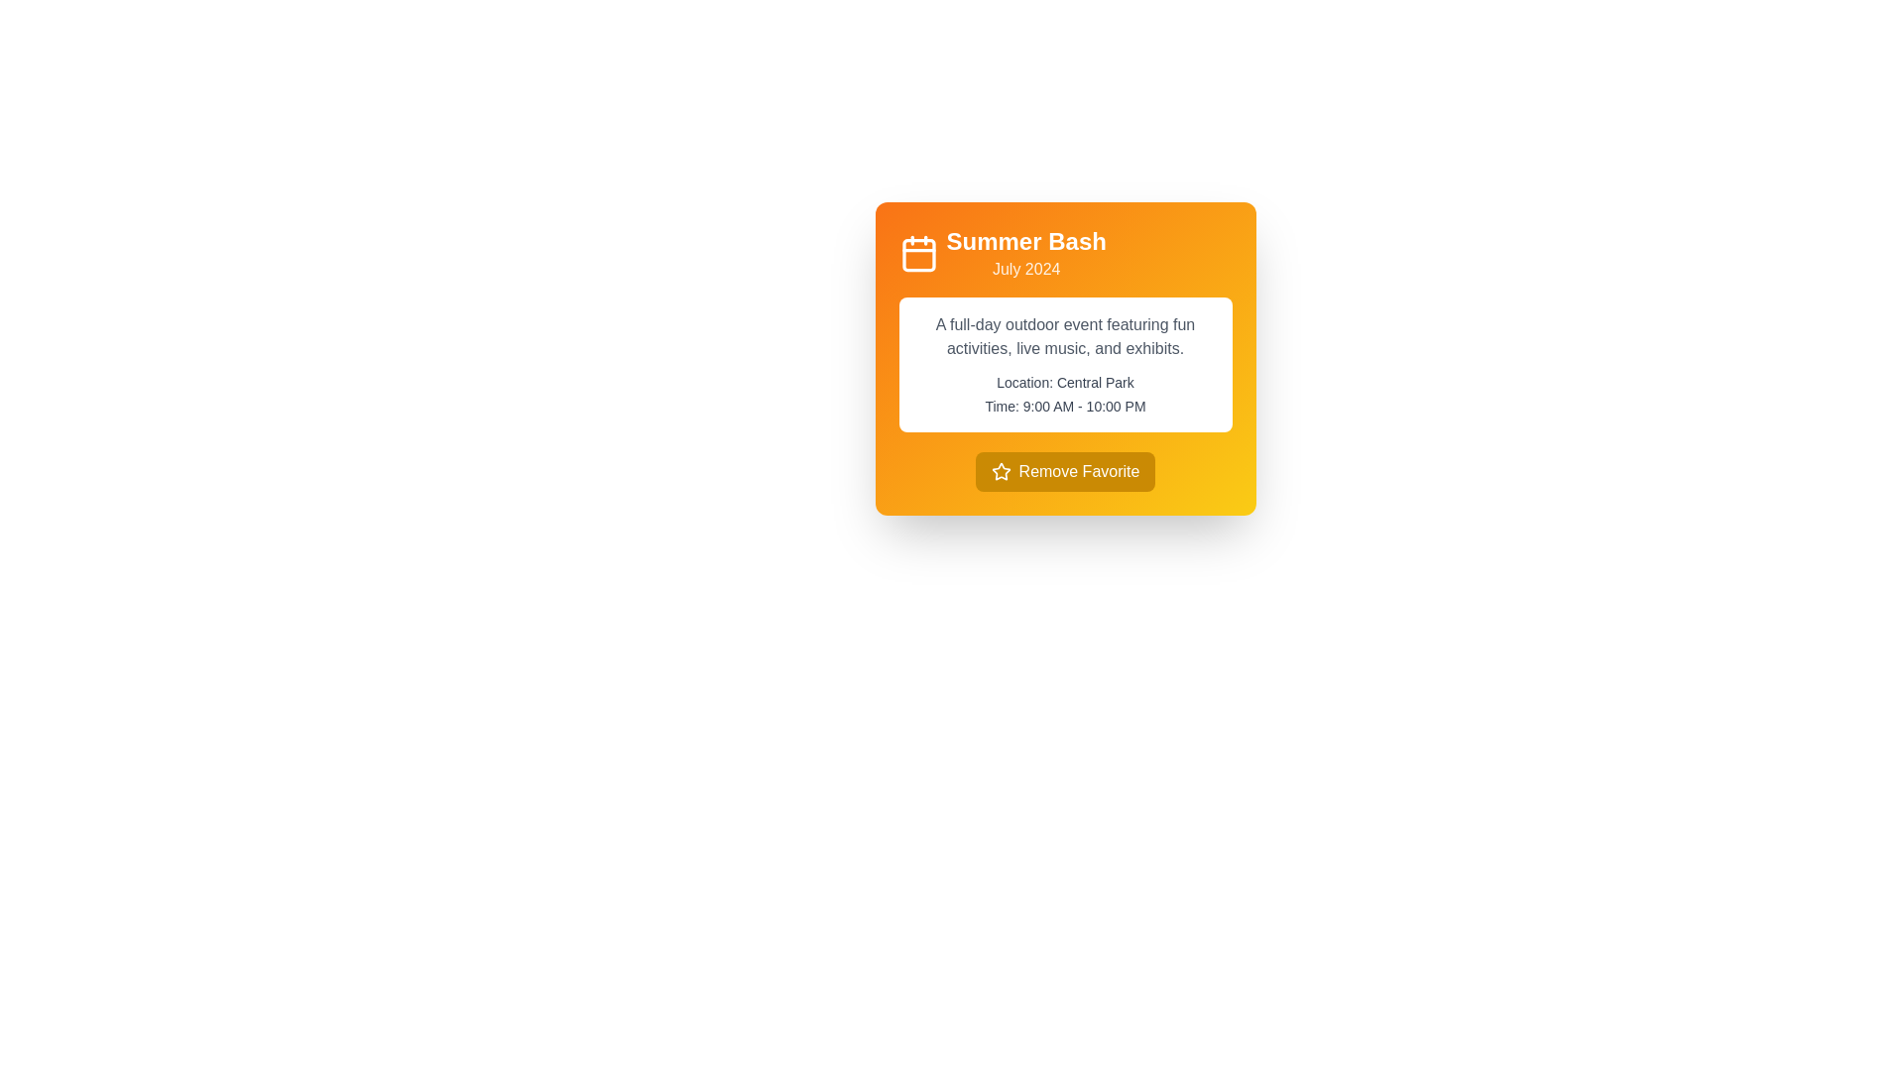  What do you see at coordinates (1001, 471) in the screenshot?
I see `the star-shaped icon with a golden outline located inside the 'Summer Bash' button, positioned to the left of the 'Remove Favorite' text` at bounding box center [1001, 471].